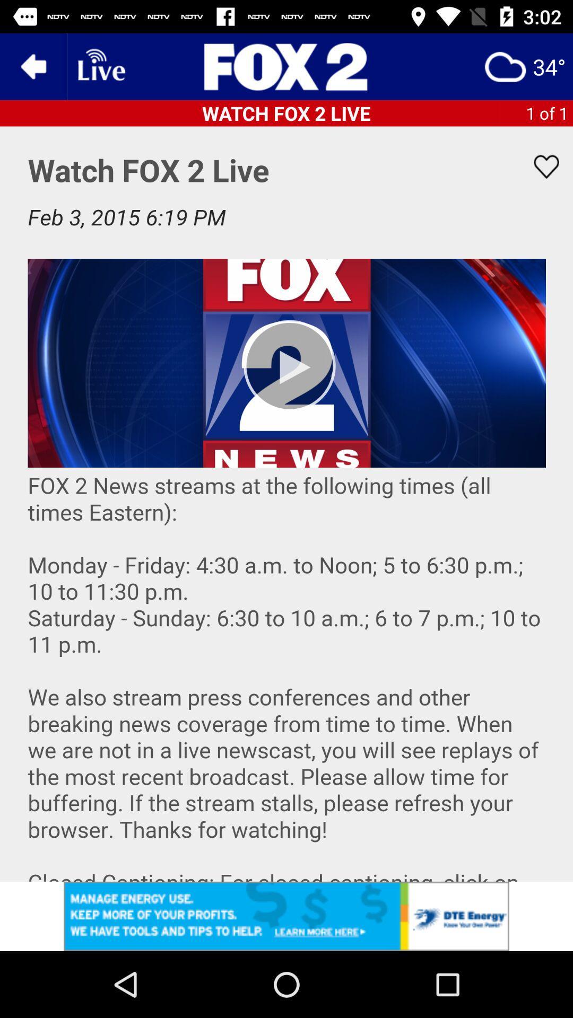 This screenshot has height=1018, width=573. Describe the element at coordinates (286, 916) in the screenshot. I see `open advertisement` at that location.